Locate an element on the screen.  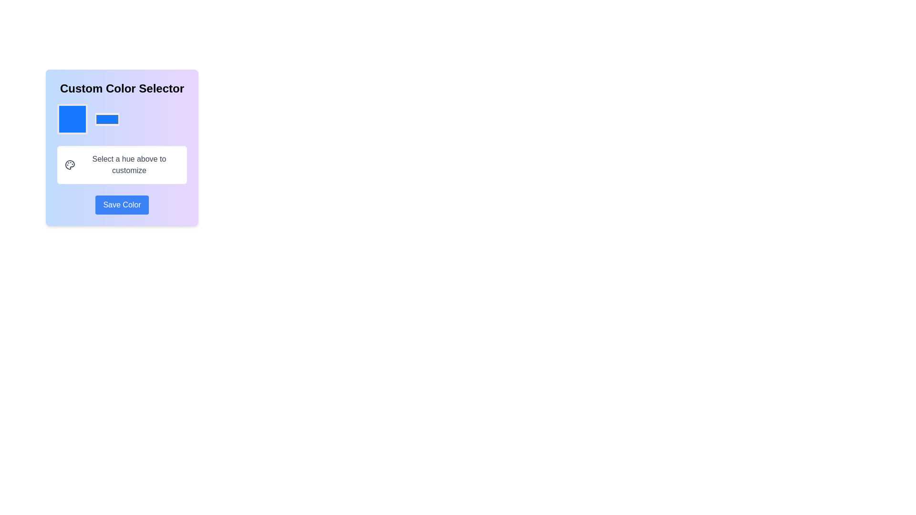
the rectangular color input box with a blue background located to the right of the large square preview box to select a color value is located at coordinates (107, 119).